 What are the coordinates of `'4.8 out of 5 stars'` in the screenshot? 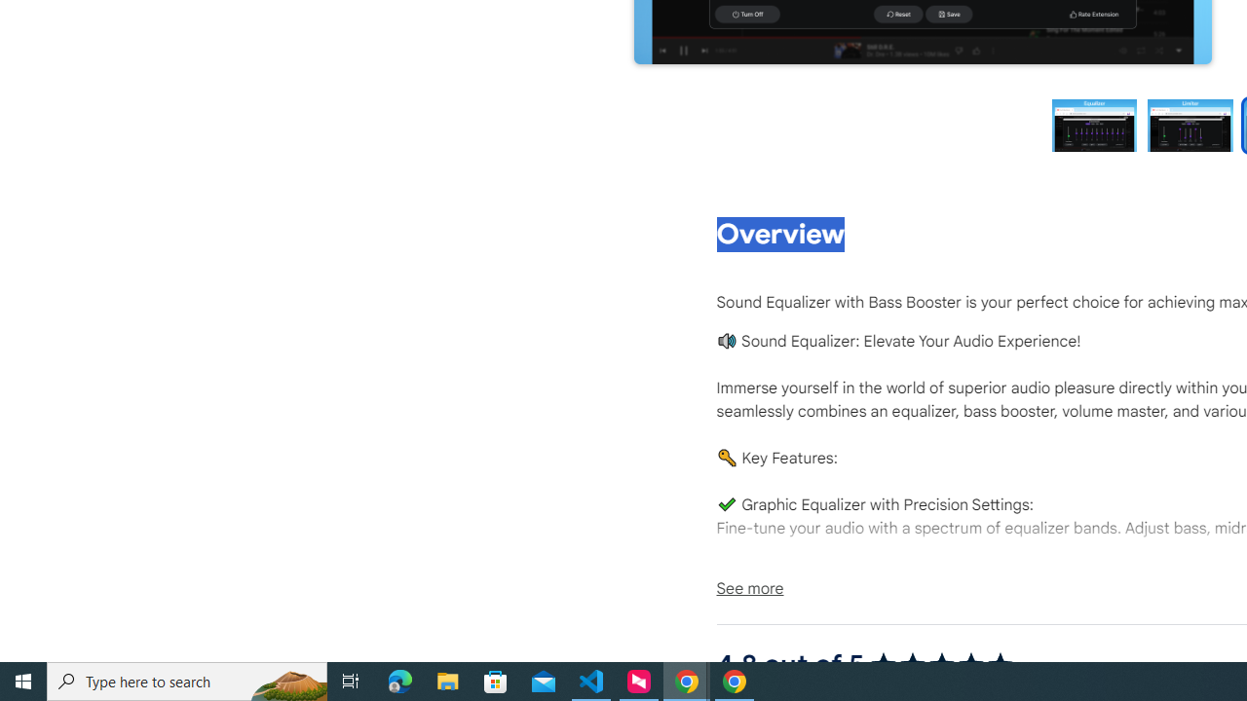 It's located at (941, 663).